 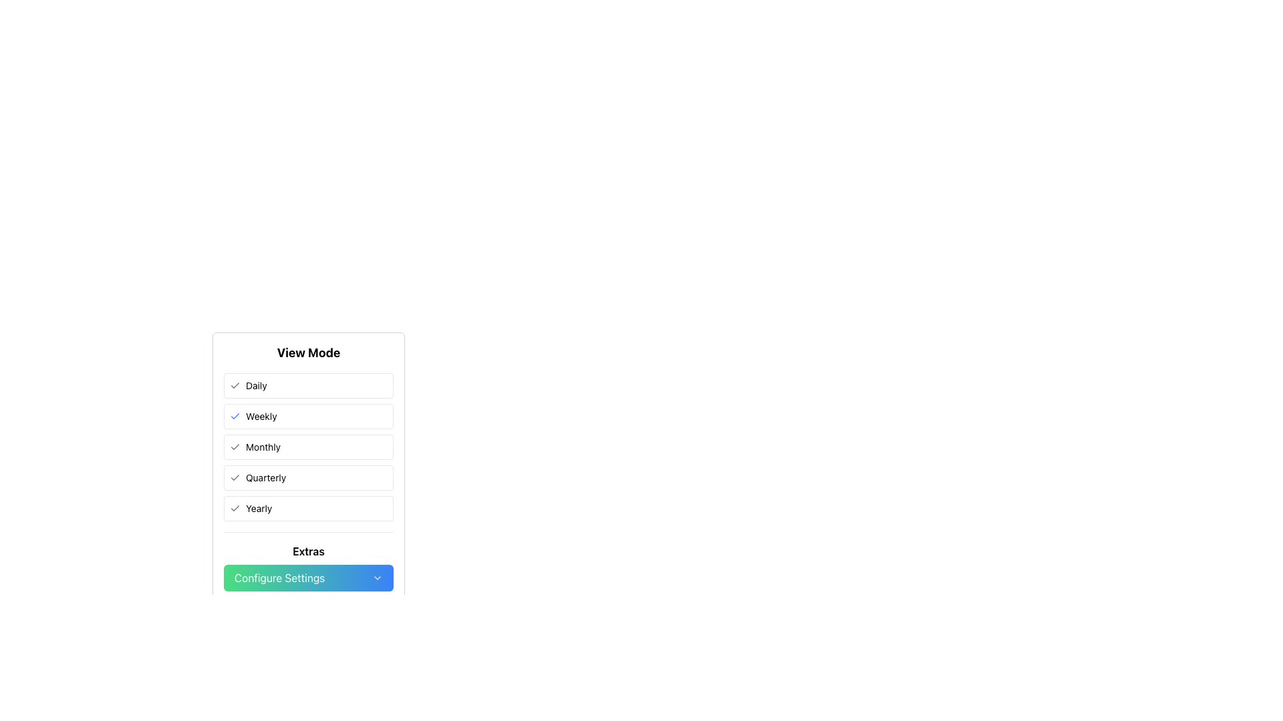 I want to click on the selection state represented by the small gray checkmark icon, which is the leftmost component of the 'Daily' button in the list of options under 'View Mode', so click(x=235, y=386).